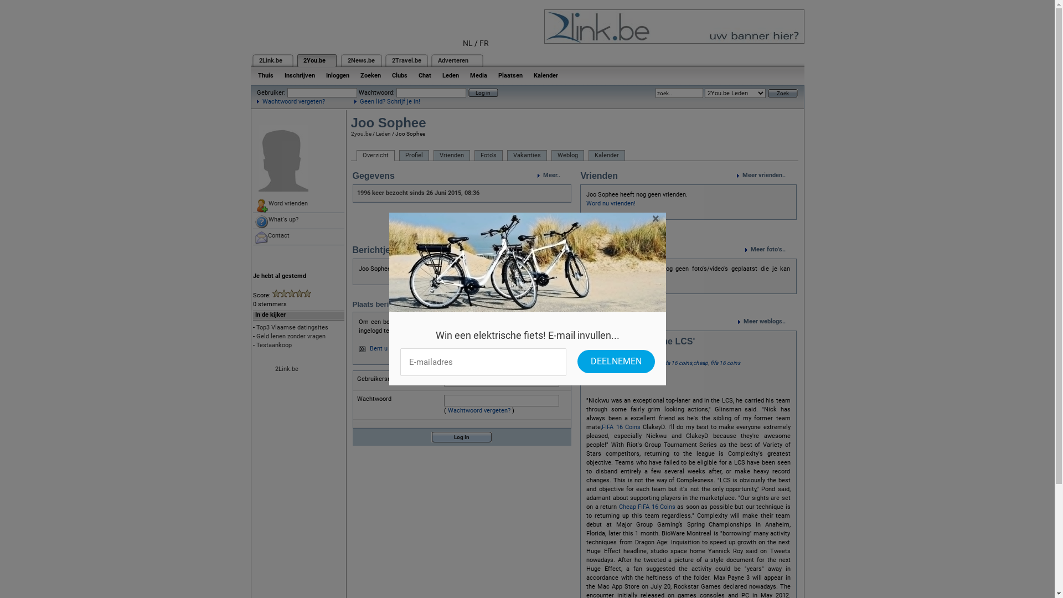 This screenshot has width=1063, height=598. What do you see at coordinates (298, 236) in the screenshot?
I see `'Contact'` at bounding box center [298, 236].